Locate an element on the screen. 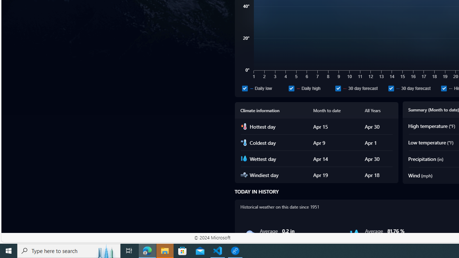  '30 day forecast' is located at coordinates (413, 88).